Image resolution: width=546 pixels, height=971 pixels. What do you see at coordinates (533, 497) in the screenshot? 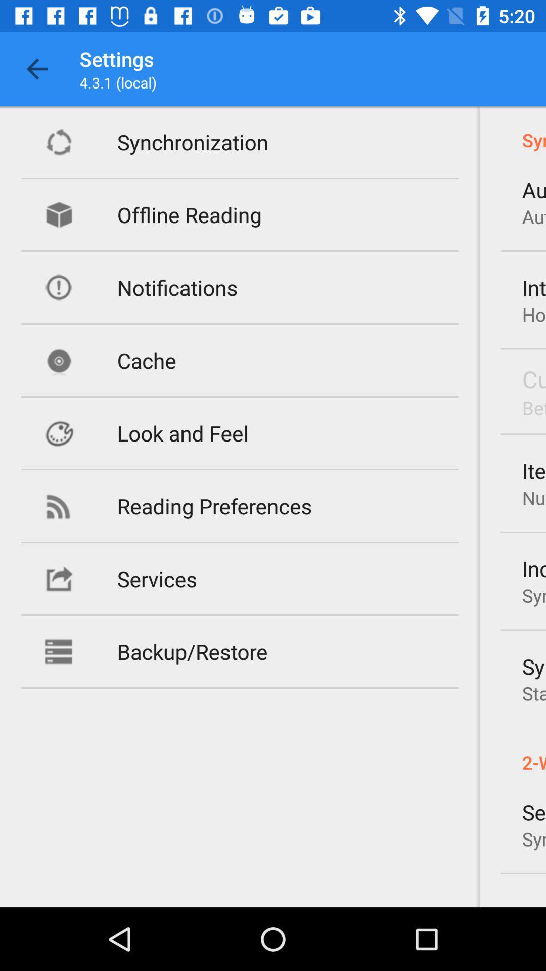
I see `the item above the include starred items item` at bounding box center [533, 497].